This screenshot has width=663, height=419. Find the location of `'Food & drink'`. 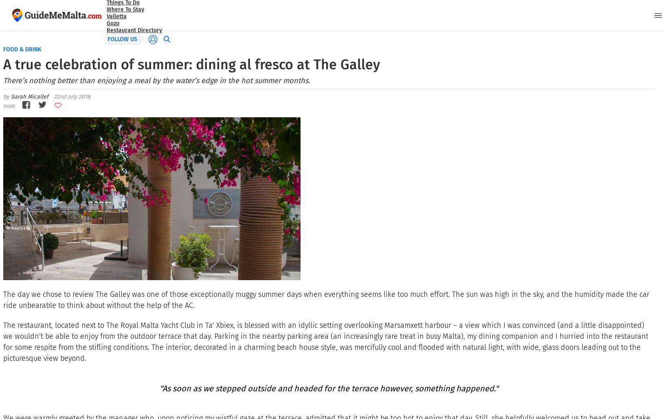

'Food & drink' is located at coordinates (22, 49).